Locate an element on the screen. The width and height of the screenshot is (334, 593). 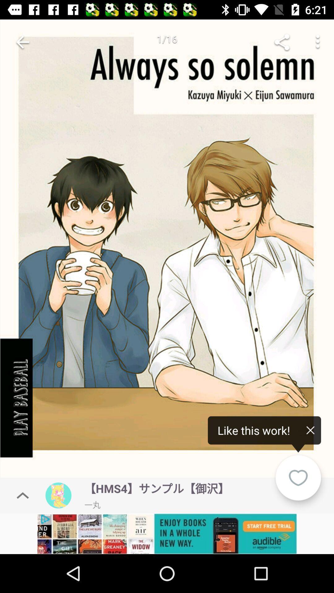
go back is located at coordinates (22, 42).